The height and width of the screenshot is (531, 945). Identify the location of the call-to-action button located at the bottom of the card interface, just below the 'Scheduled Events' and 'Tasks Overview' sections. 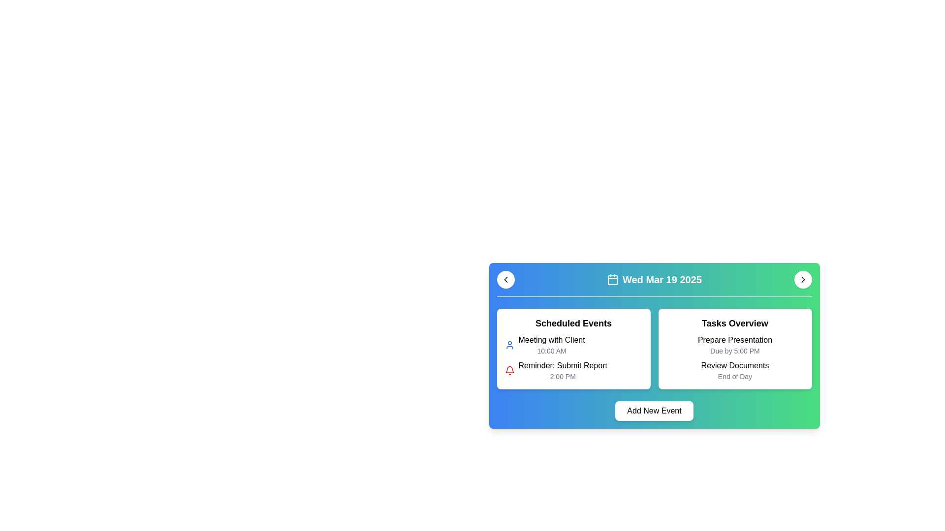
(654, 411).